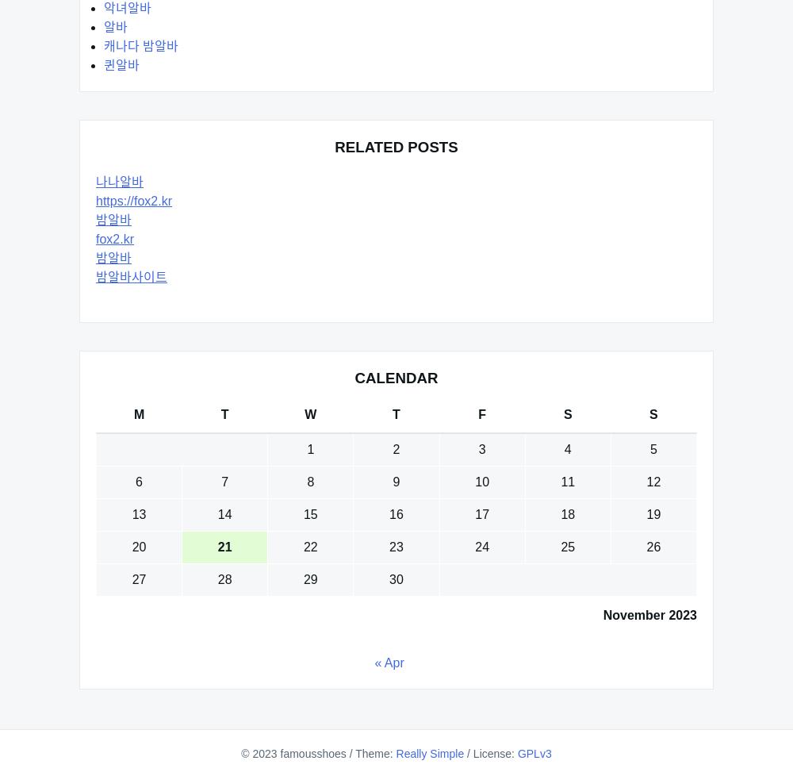 The height and width of the screenshot is (776, 793). I want to click on '3', so click(481, 449).